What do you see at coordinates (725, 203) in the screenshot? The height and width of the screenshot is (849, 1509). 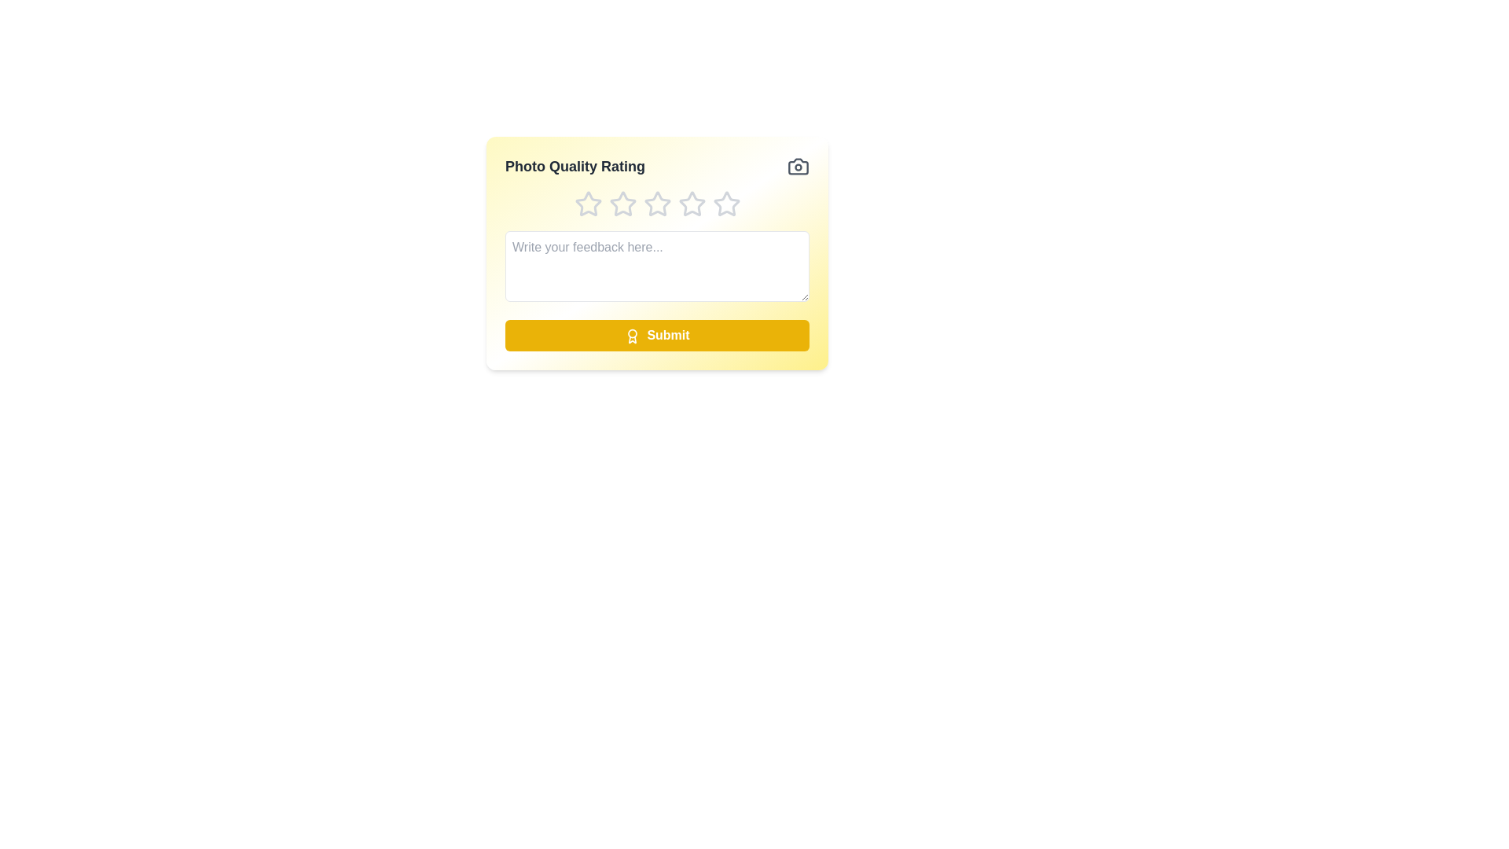 I see `the star corresponding to the rating 5` at bounding box center [725, 203].